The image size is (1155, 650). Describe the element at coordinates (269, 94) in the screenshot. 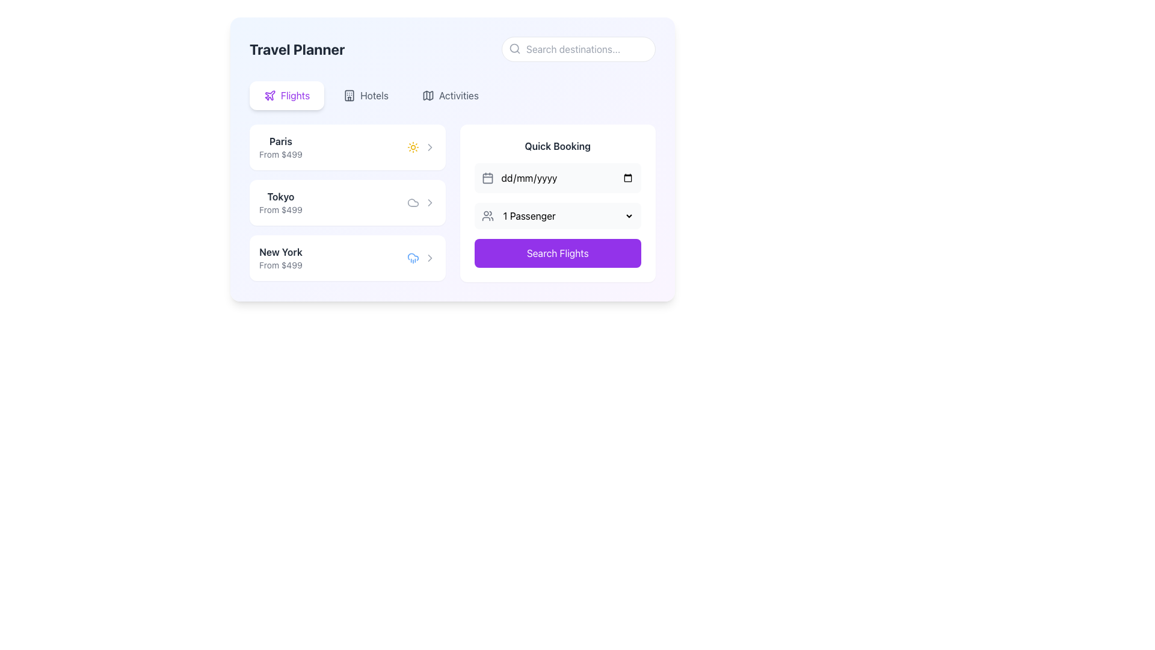

I see `the airplane icon located within the 'Flights' button in the top-left corner of the main content area, which is styled in purple and has a modern rounded design` at that location.